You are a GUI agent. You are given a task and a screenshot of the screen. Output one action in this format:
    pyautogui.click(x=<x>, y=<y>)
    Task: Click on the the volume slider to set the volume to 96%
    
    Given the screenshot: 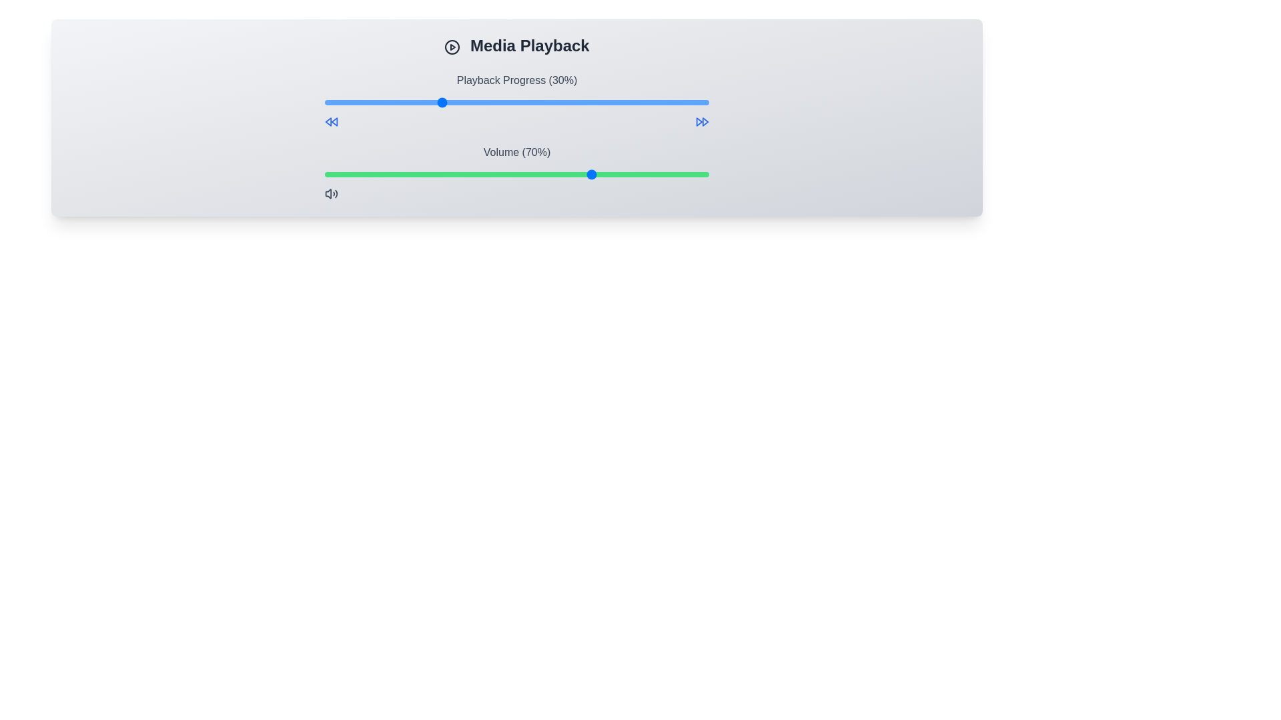 What is the action you would take?
    pyautogui.click(x=693, y=174)
    